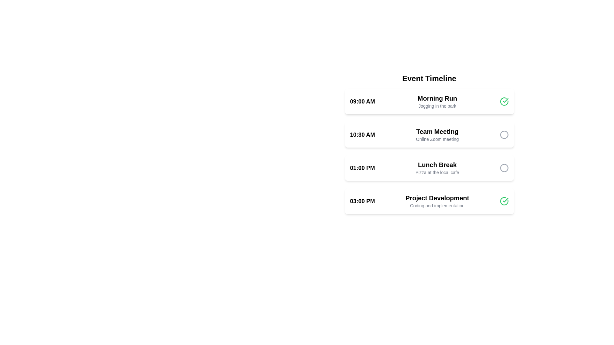  Describe the element at coordinates (437, 101) in the screenshot. I see `the text block containing 'Morning Run' and 'Jogging in the park' located within the first event card in the timeline interface` at that location.